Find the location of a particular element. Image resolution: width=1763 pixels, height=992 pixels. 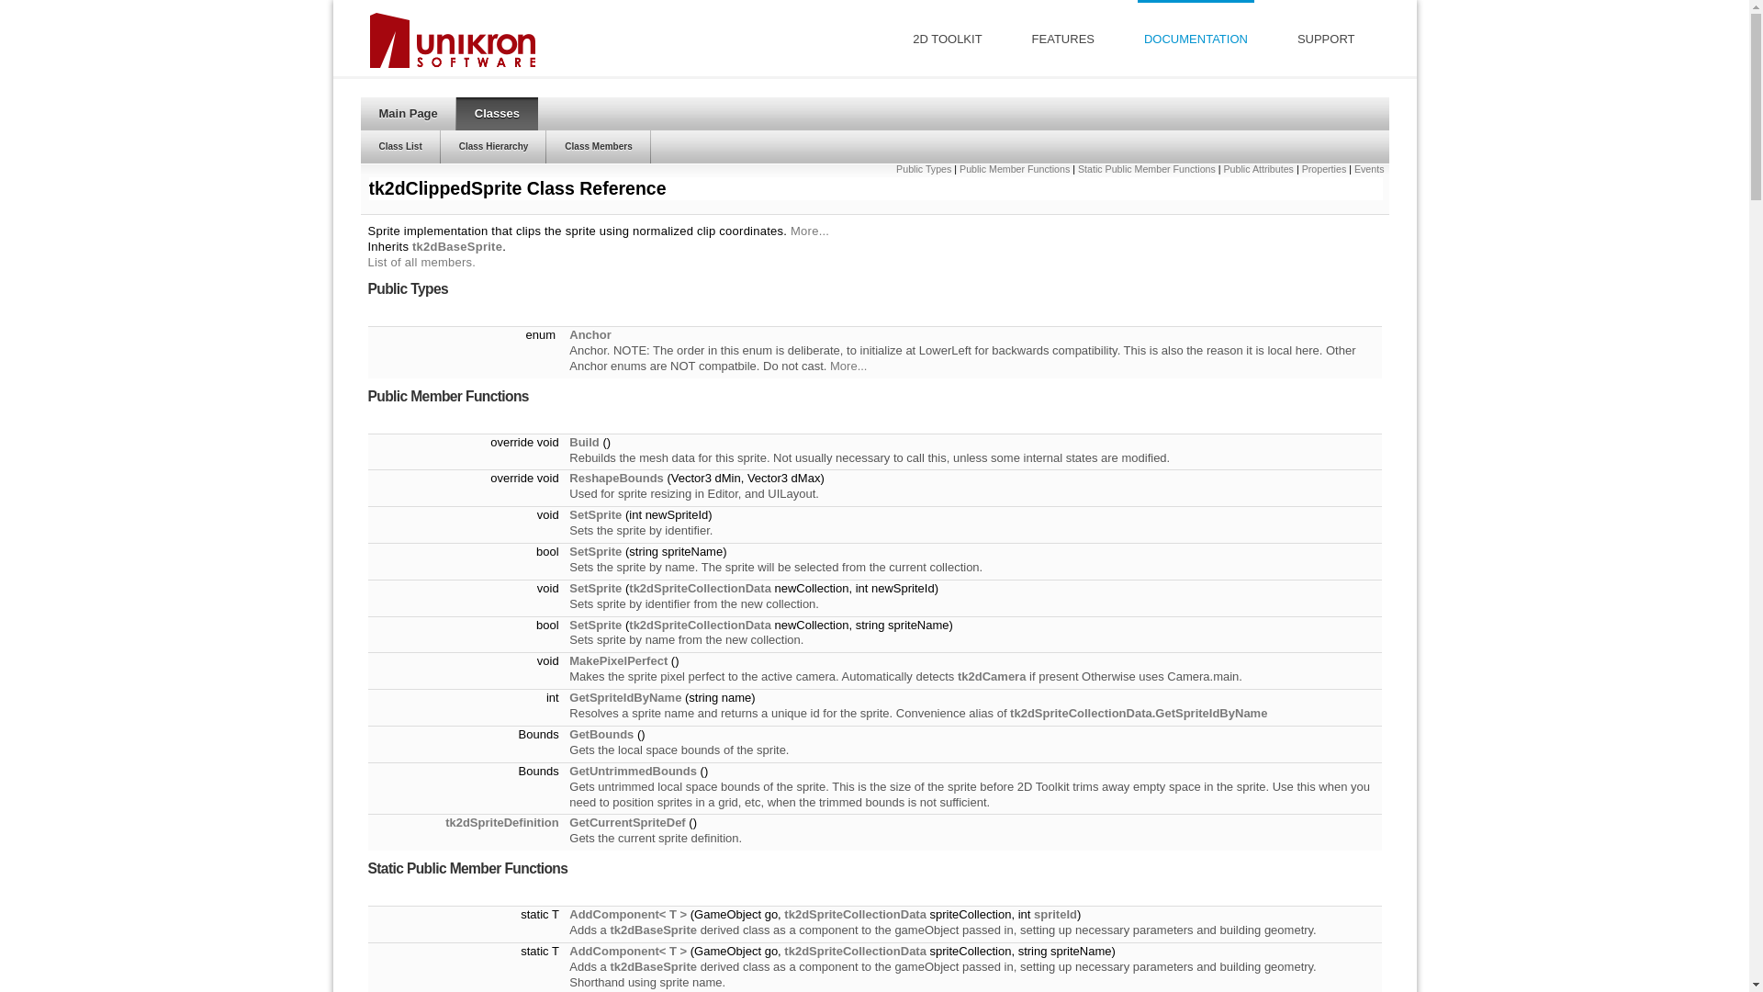

'Class Hierarchy' is located at coordinates (441, 145).